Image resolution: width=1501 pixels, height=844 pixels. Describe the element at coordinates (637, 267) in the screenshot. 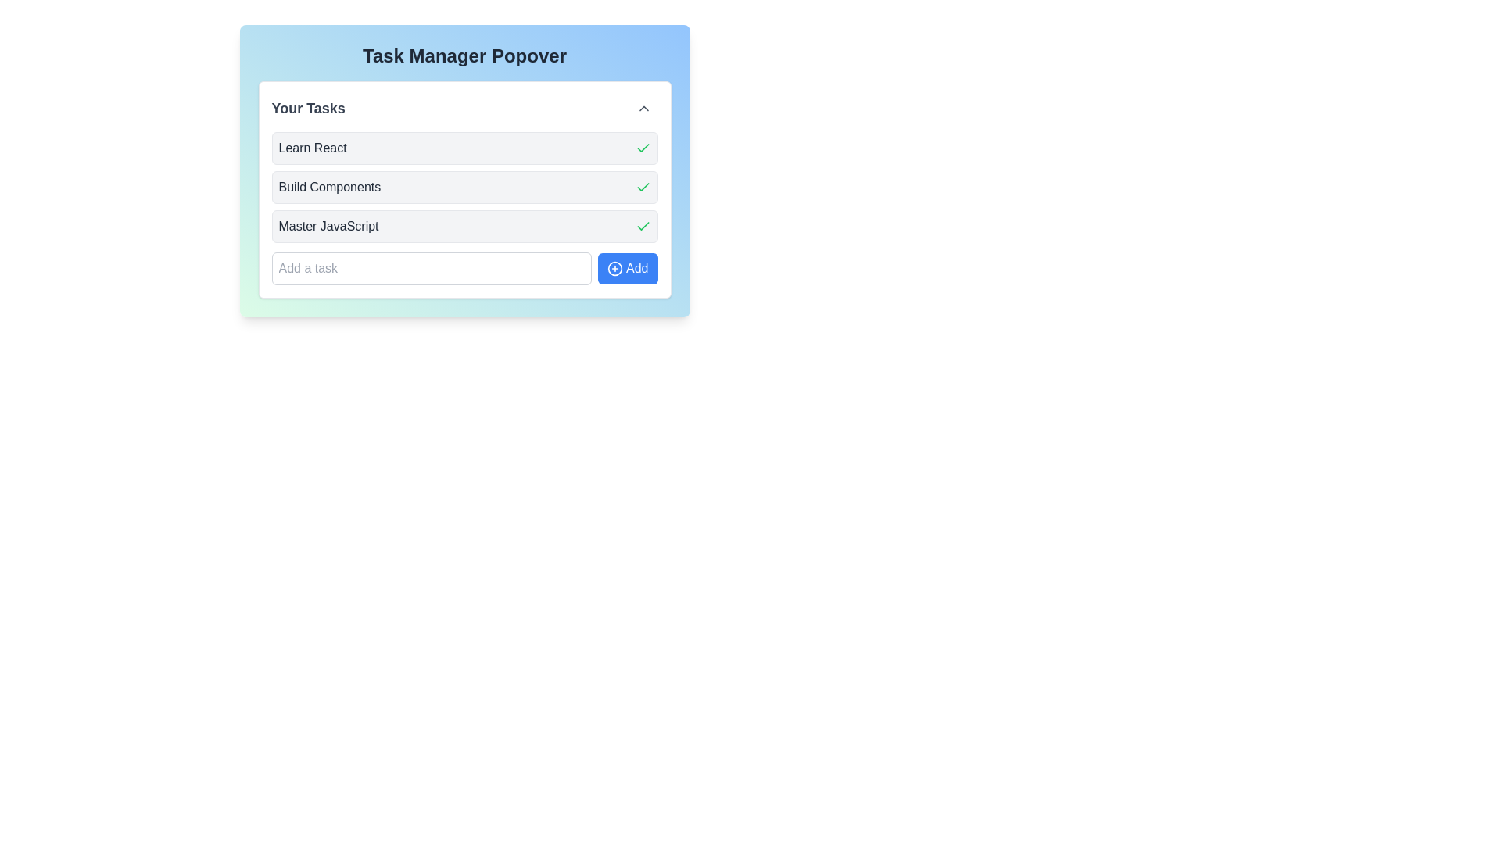

I see `the 'Add Task' button's text label, which is located at the bottom-right corner of the task management popover and contains the text 'Add'` at that location.